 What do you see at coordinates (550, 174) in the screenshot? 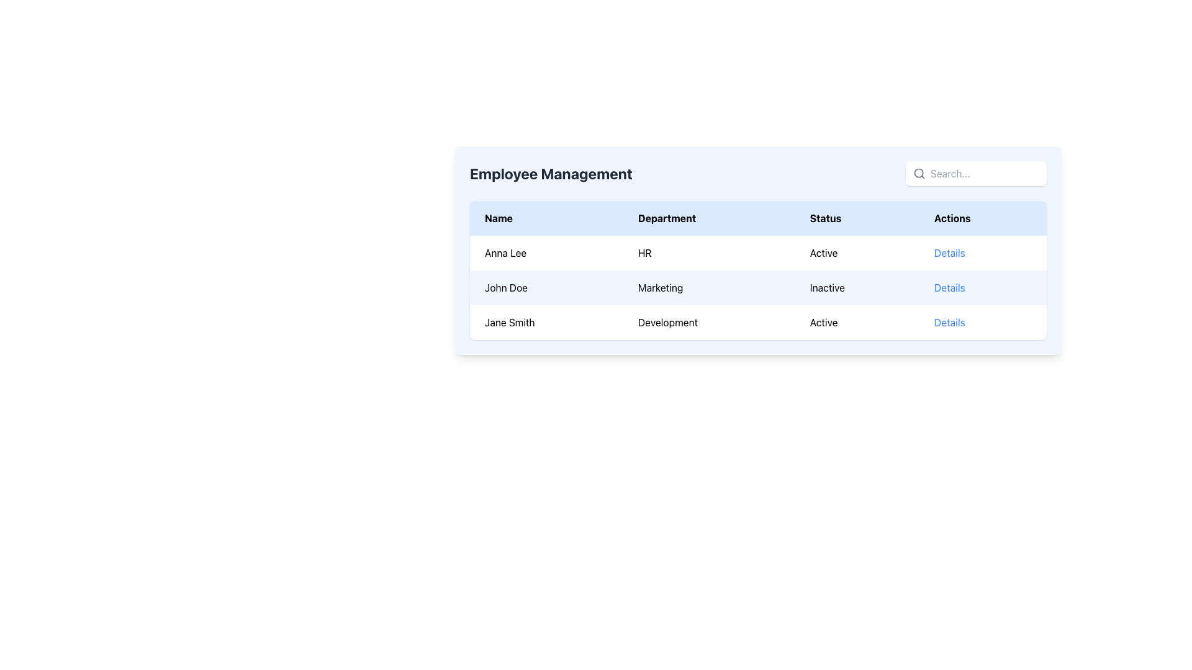
I see `the bold text label 'Employee Management' styled in dark gray, which is located at the top left of its section above the employee information table` at bounding box center [550, 174].